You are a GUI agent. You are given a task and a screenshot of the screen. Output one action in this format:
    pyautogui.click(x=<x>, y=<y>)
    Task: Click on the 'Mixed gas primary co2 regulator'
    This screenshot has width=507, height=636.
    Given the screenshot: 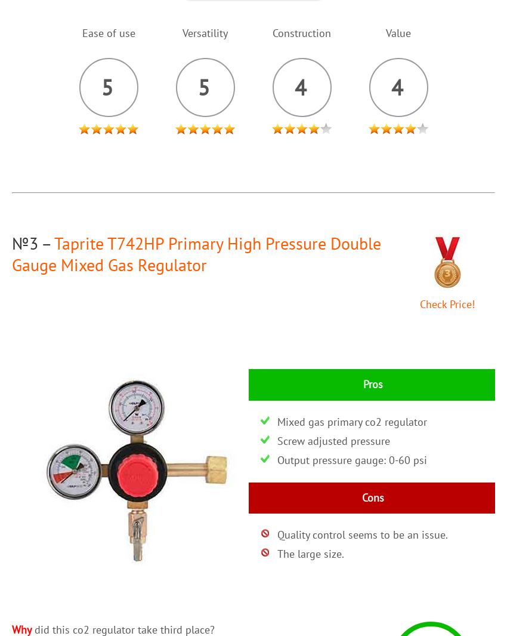 What is the action you would take?
    pyautogui.click(x=351, y=421)
    